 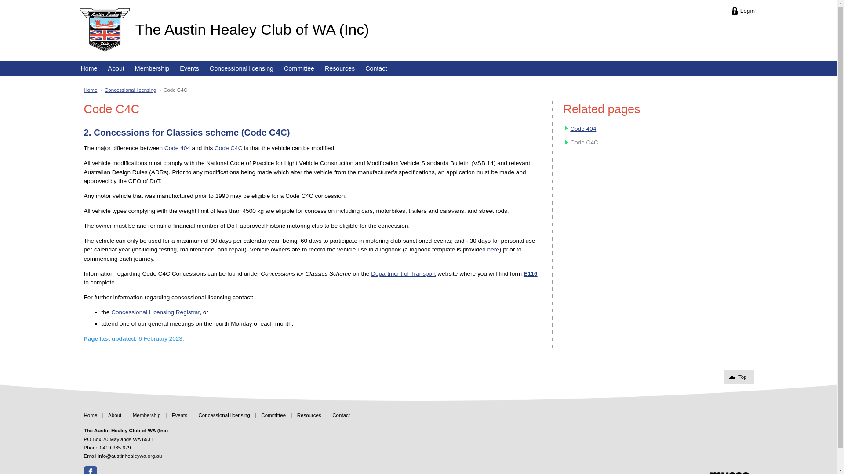 What do you see at coordinates (177, 147) in the screenshot?
I see `'Code 404'` at bounding box center [177, 147].